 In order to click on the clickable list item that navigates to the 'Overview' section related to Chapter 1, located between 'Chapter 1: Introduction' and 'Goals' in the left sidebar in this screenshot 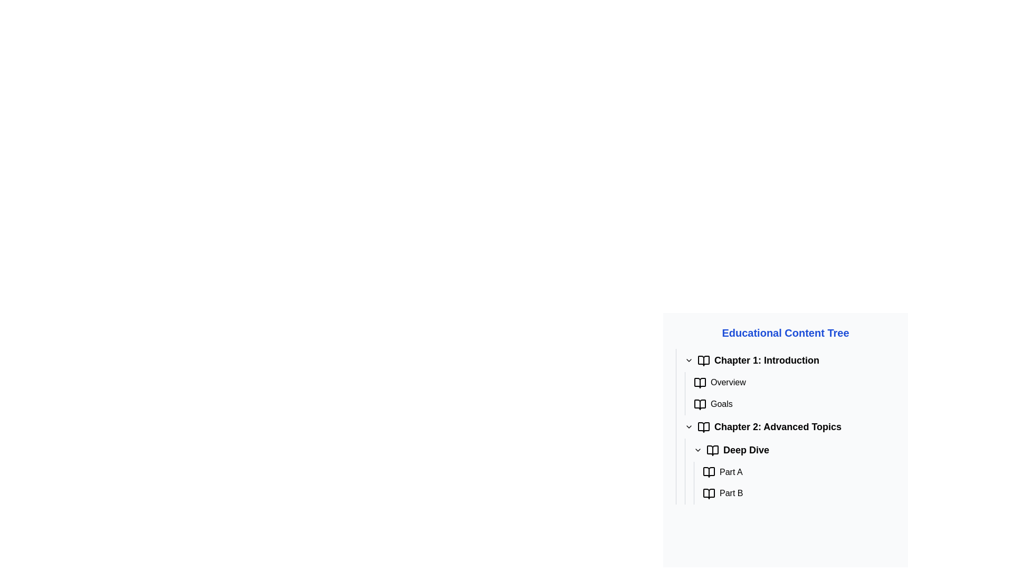, I will do `click(790, 383)`.